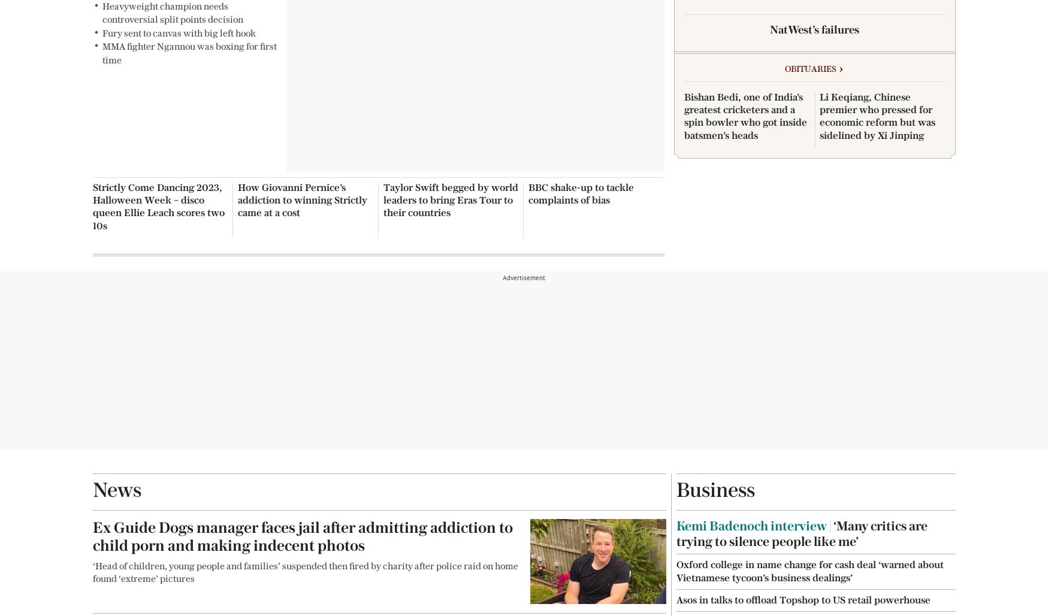  I want to click on 'Advertising Terms', so click(308, 70).